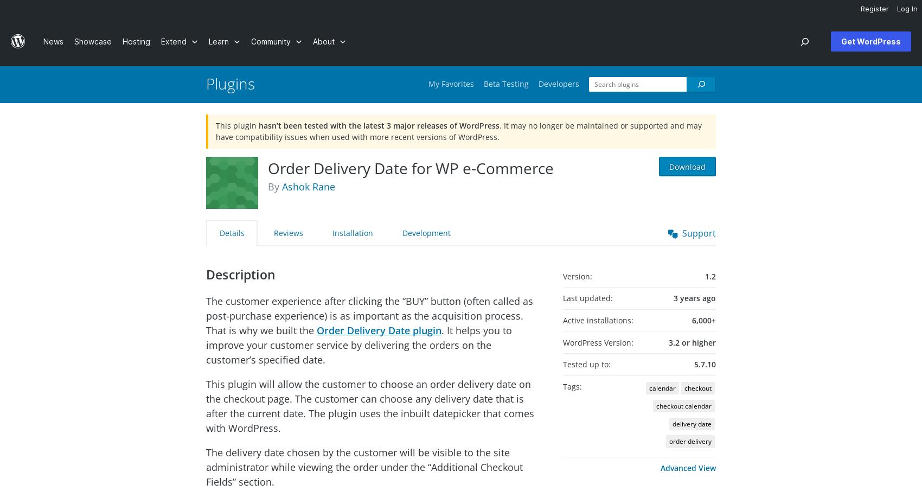  Describe the element at coordinates (694, 364) in the screenshot. I see `'5.7.10'` at that location.